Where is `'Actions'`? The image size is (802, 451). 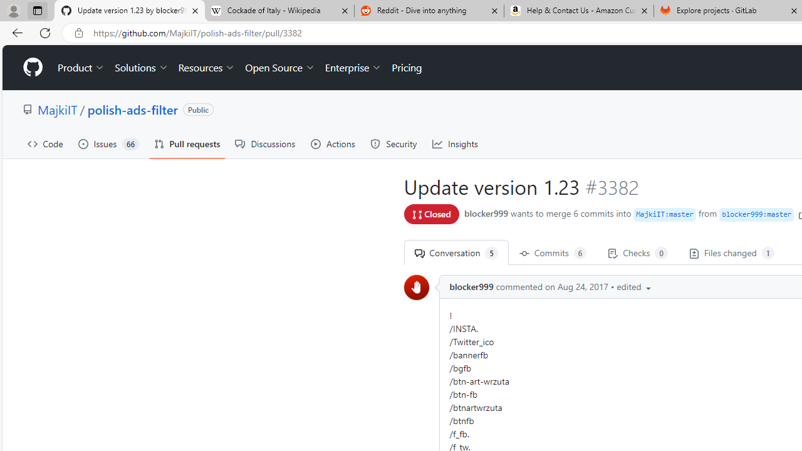
'Actions' is located at coordinates (333, 143).